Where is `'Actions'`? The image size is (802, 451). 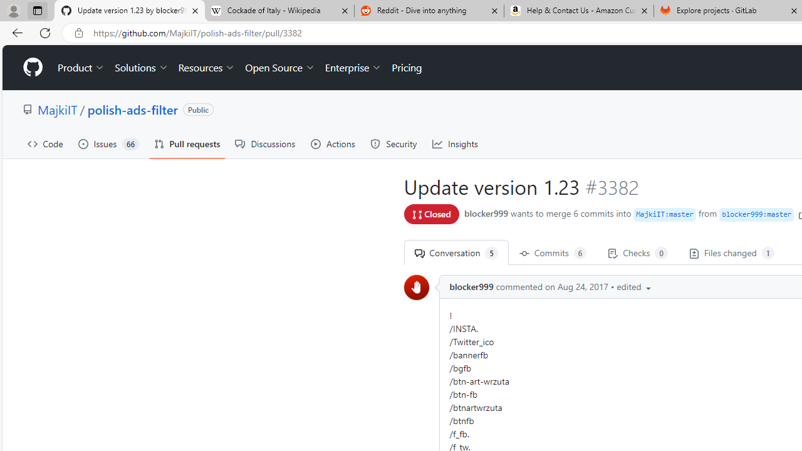
'Actions' is located at coordinates (333, 143).